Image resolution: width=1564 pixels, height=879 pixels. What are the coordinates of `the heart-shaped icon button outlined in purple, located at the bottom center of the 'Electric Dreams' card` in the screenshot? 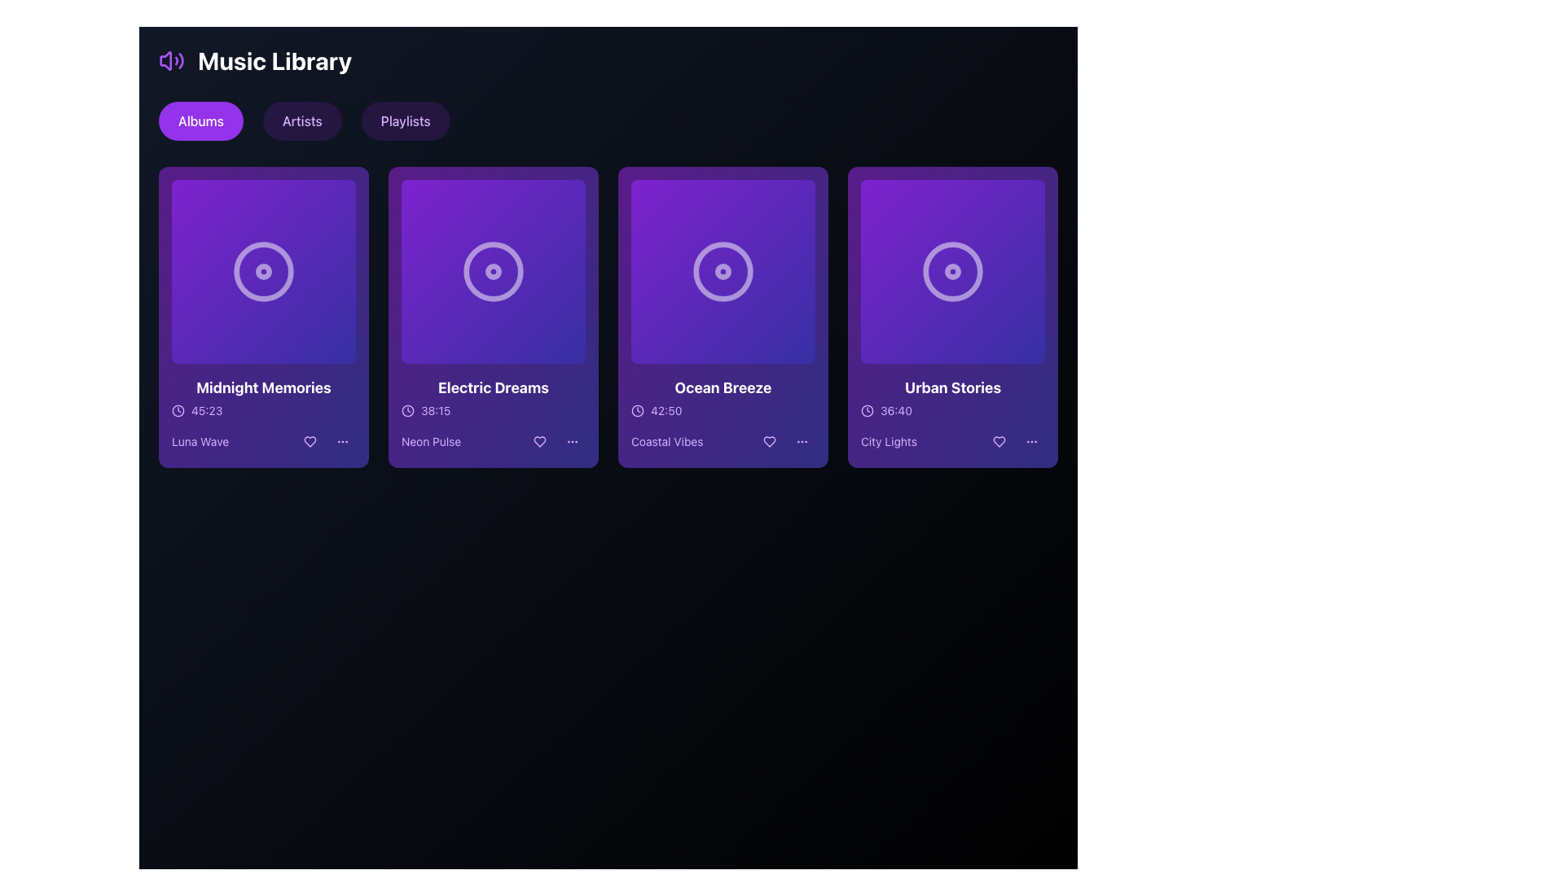 It's located at (539, 442).